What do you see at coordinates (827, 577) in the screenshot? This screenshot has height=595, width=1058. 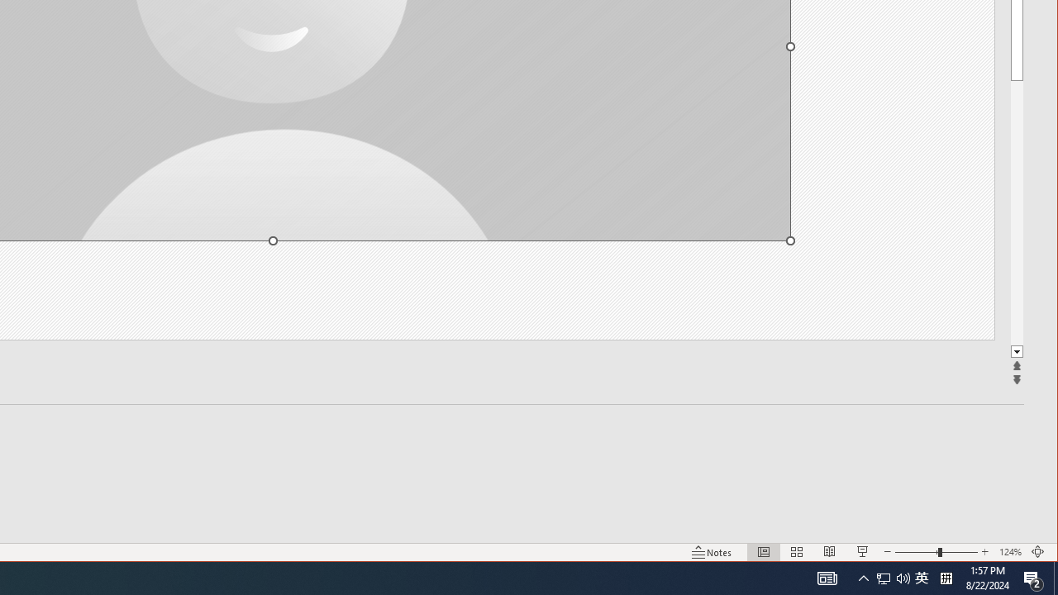 I see `'AutomationID: 4105'` at bounding box center [827, 577].